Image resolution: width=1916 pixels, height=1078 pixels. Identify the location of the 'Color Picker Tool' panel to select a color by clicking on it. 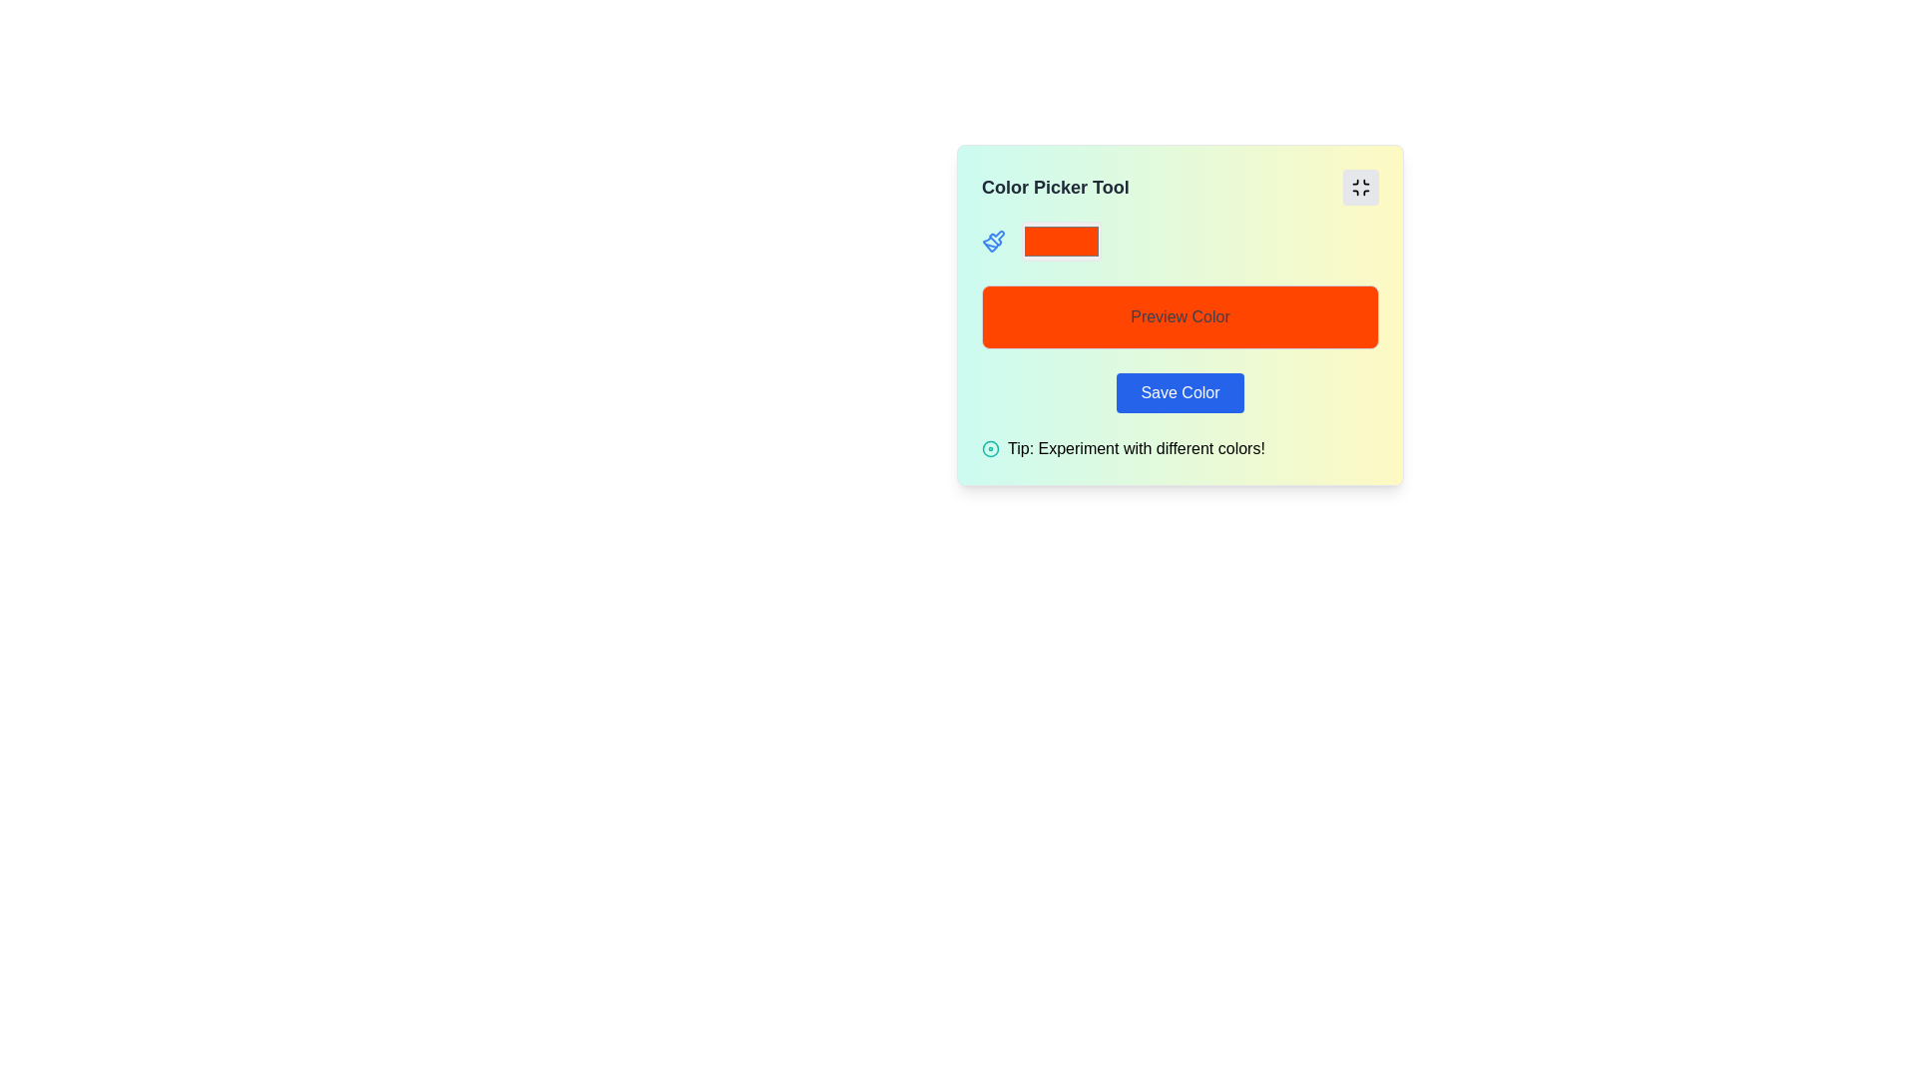
(1180, 314).